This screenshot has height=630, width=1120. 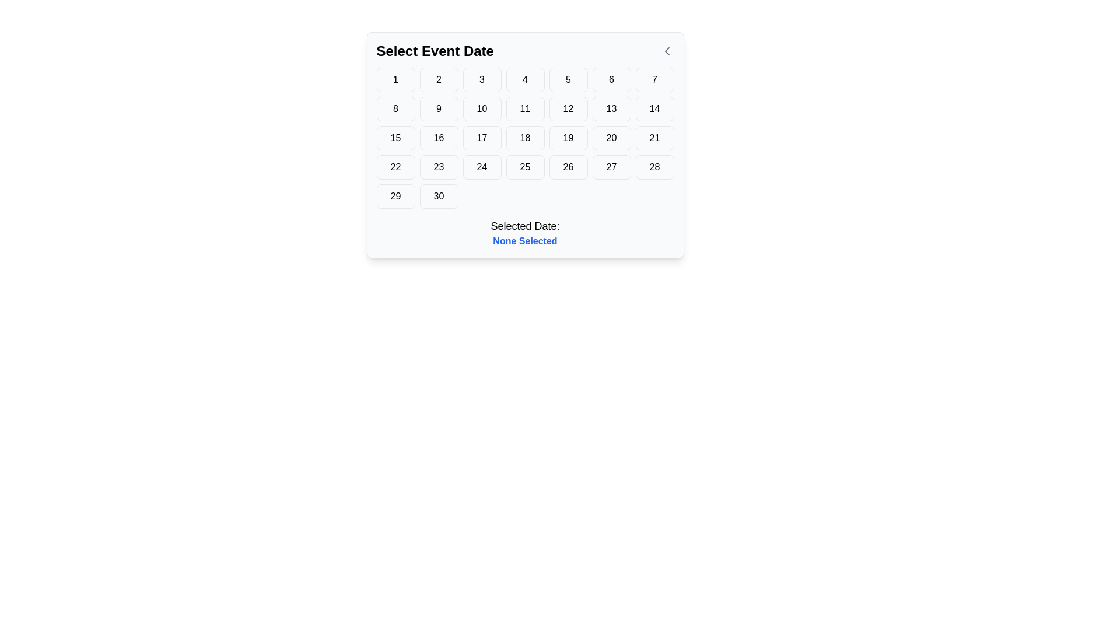 What do you see at coordinates (482, 137) in the screenshot?
I see `the date selection button representing the date '17' in the calendar interface` at bounding box center [482, 137].